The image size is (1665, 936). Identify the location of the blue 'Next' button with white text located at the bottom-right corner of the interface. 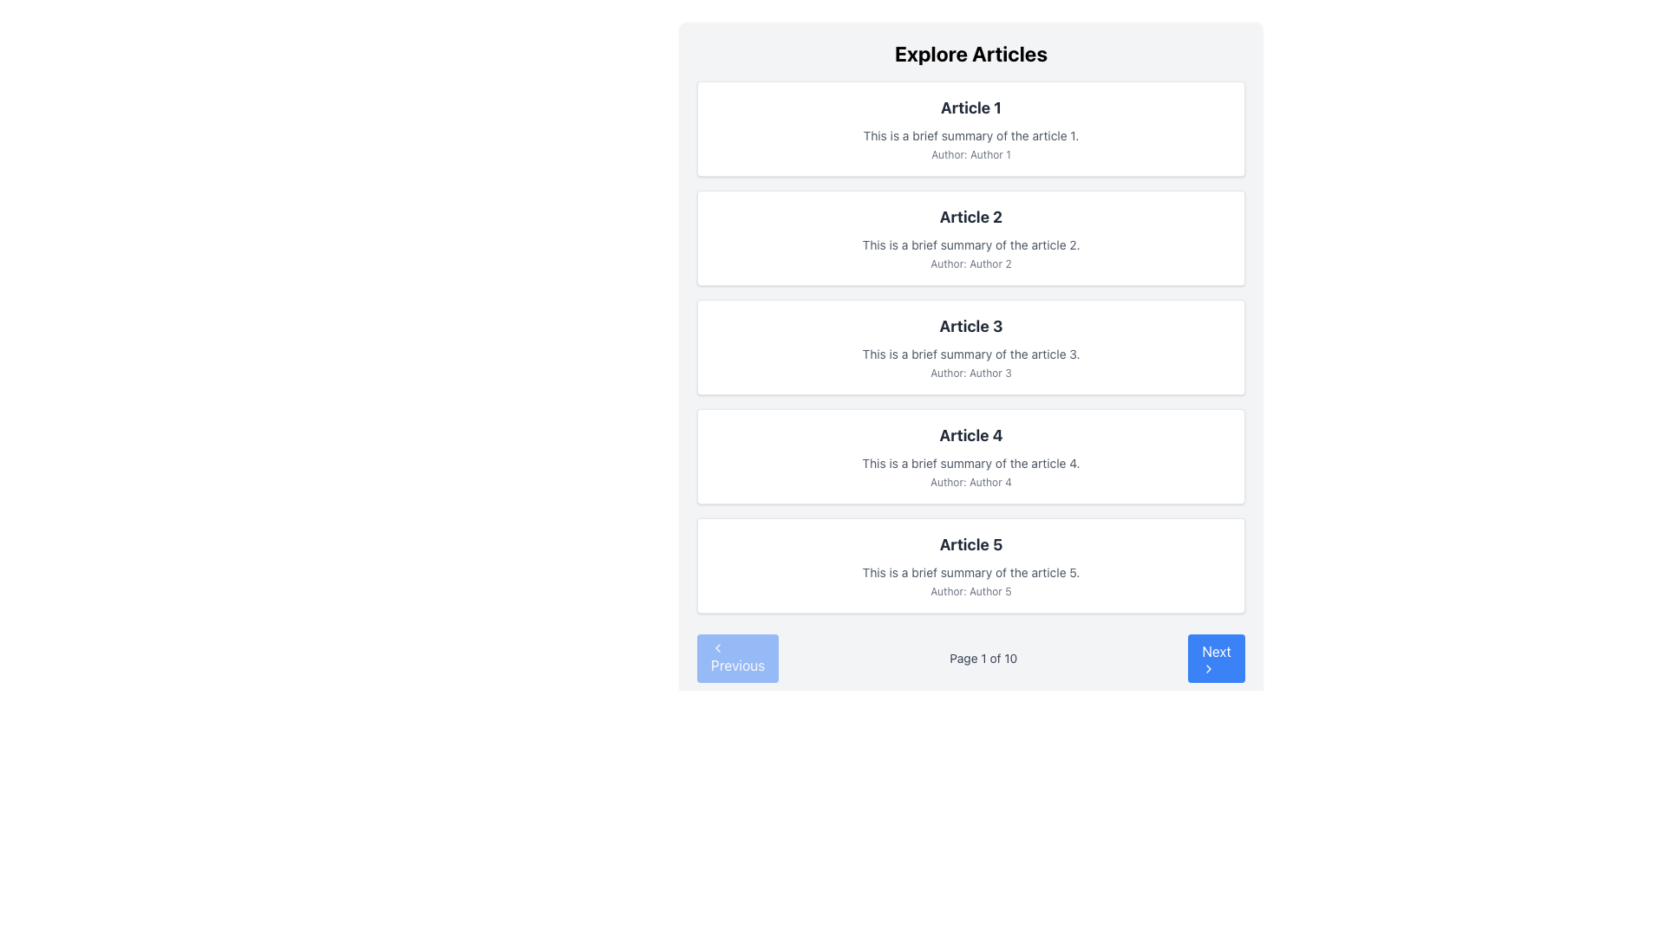
(1216, 658).